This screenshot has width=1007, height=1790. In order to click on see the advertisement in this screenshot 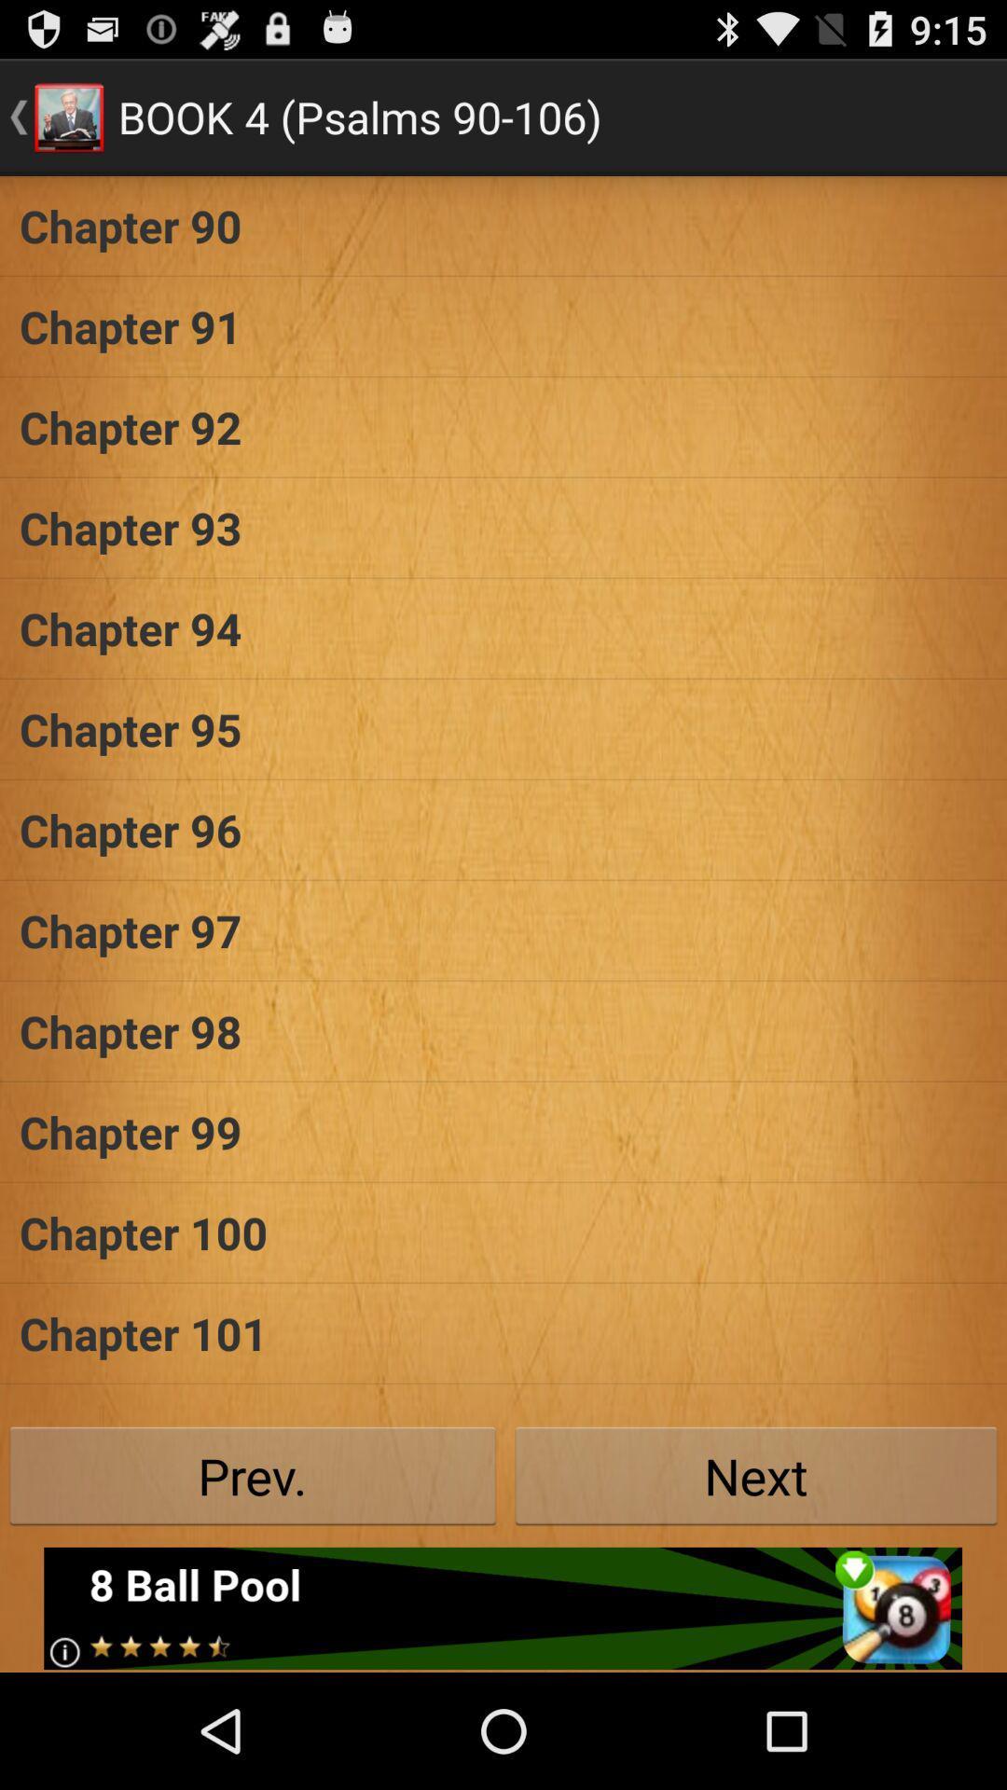, I will do `click(502, 1607)`.